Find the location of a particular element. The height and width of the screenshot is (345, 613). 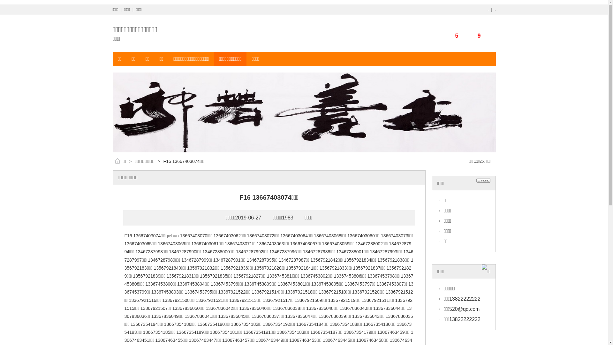

'.' is located at coordinates (488, 10).